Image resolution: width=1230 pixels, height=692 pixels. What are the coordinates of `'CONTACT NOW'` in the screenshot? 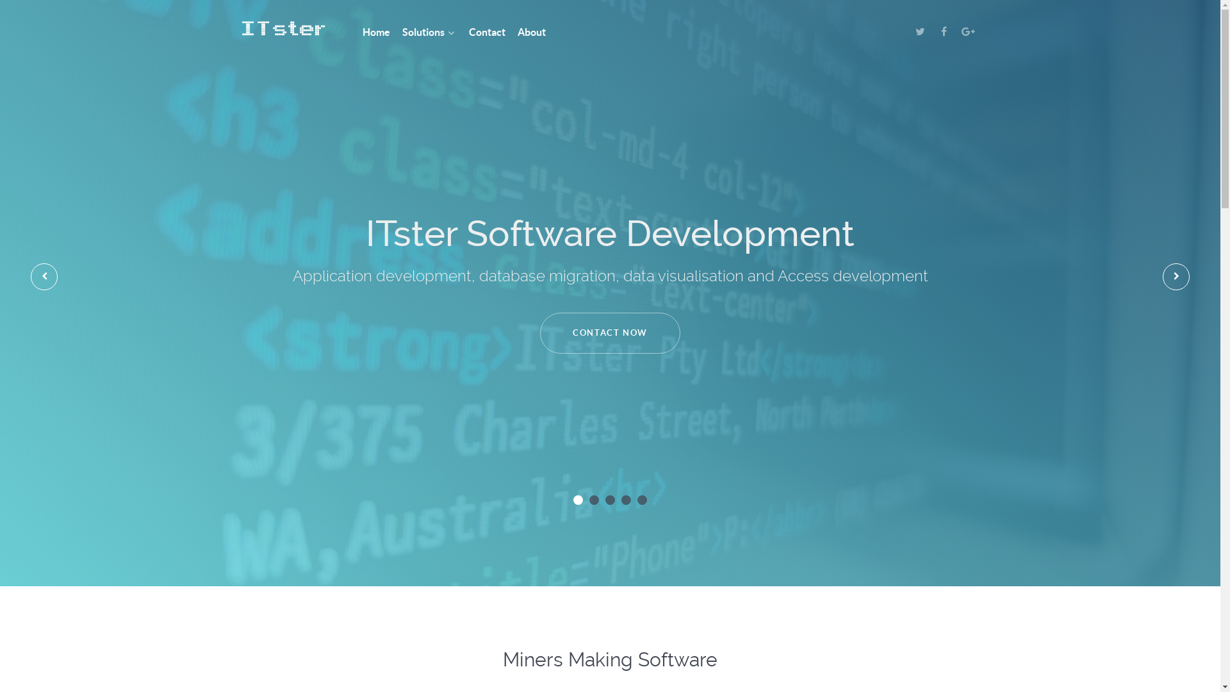 It's located at (609, 333).